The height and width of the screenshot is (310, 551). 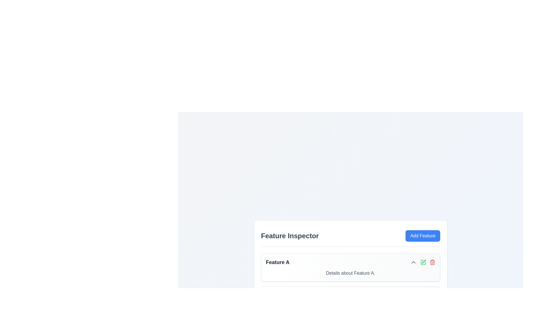 What do you see at coordinates (350, 273) in the screenshot?
I see `the static text label displaying 'Details about Feature A.' which is positioned below the title 'Feature A' in a white bordered box` at bounding box center [350, 273].